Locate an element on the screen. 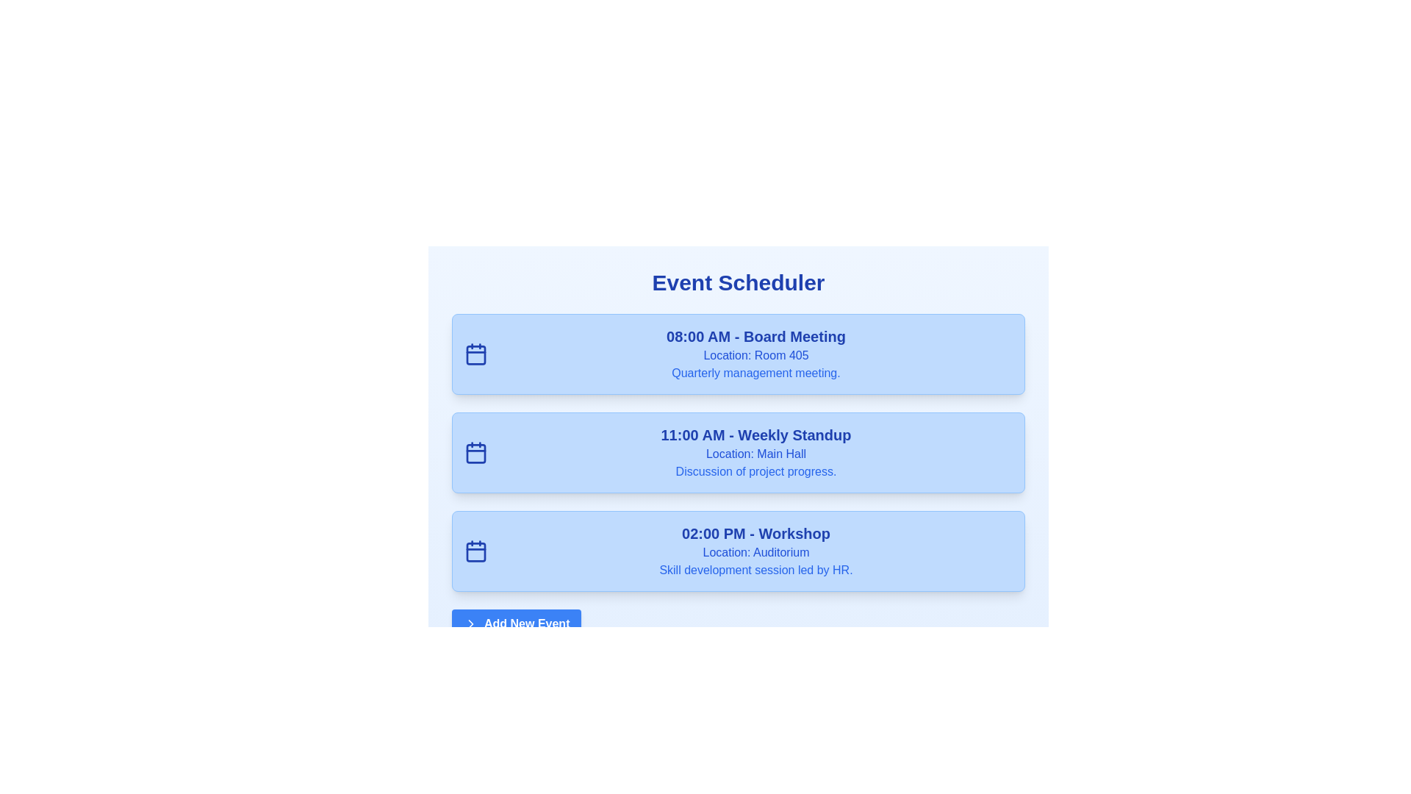 Image resolution: width=1411 pixels, height=794 pixels. the calendar icon with bold blue strokes, which is located at the top-left corner of the event card for '02:00 PM - Workshop' is located at coordinates (476, 551).